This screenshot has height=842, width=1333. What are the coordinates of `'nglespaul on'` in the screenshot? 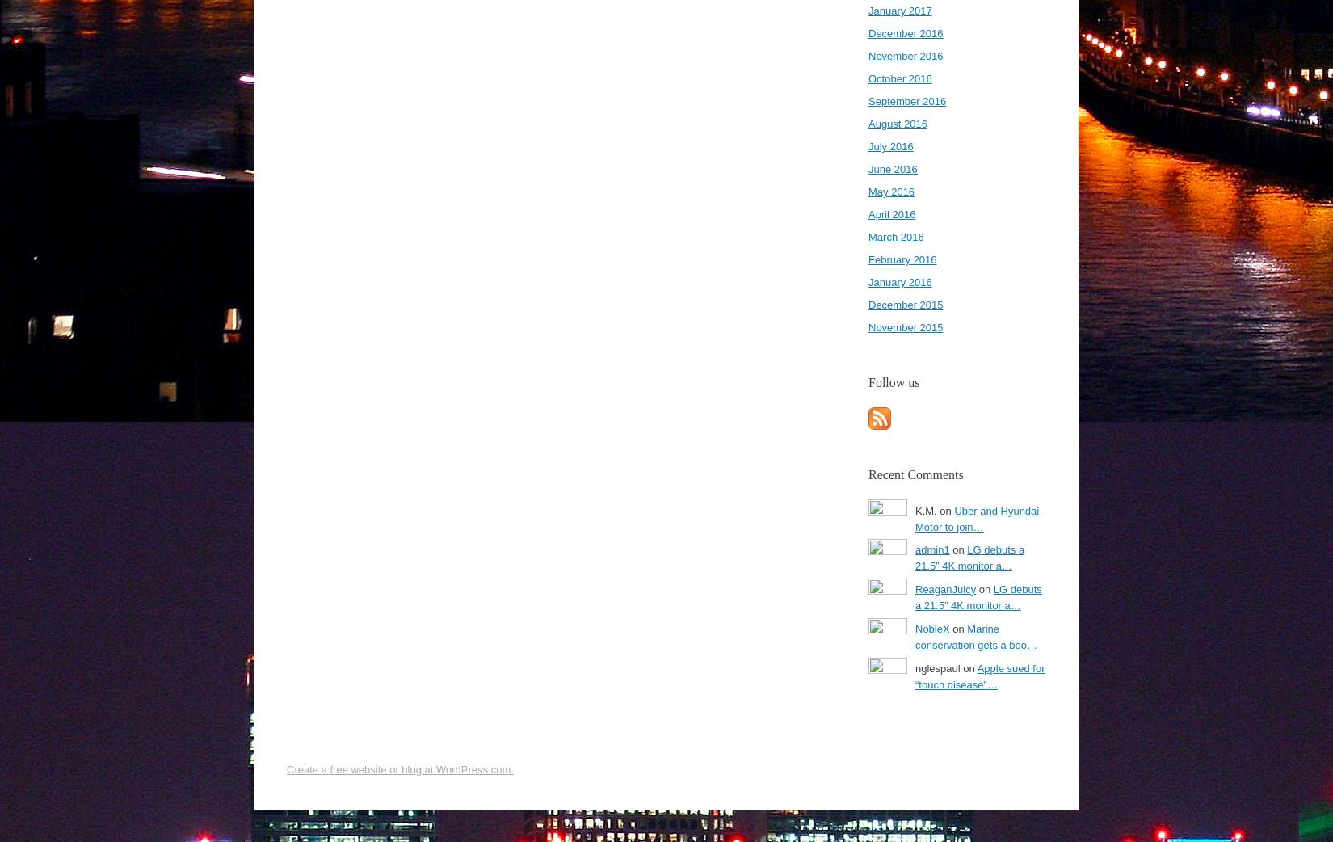 It's located at (915, 667).